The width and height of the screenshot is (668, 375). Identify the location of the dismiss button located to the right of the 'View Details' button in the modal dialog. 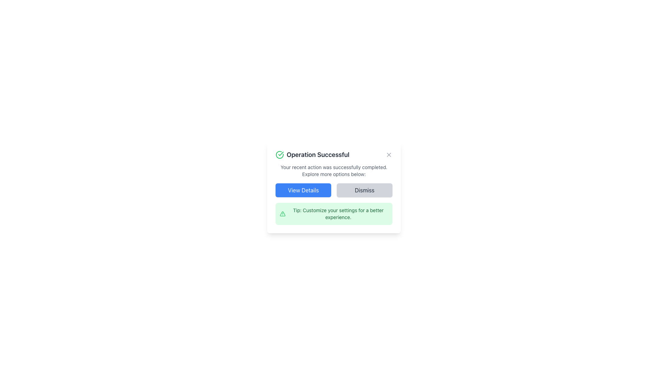
(364, 190).